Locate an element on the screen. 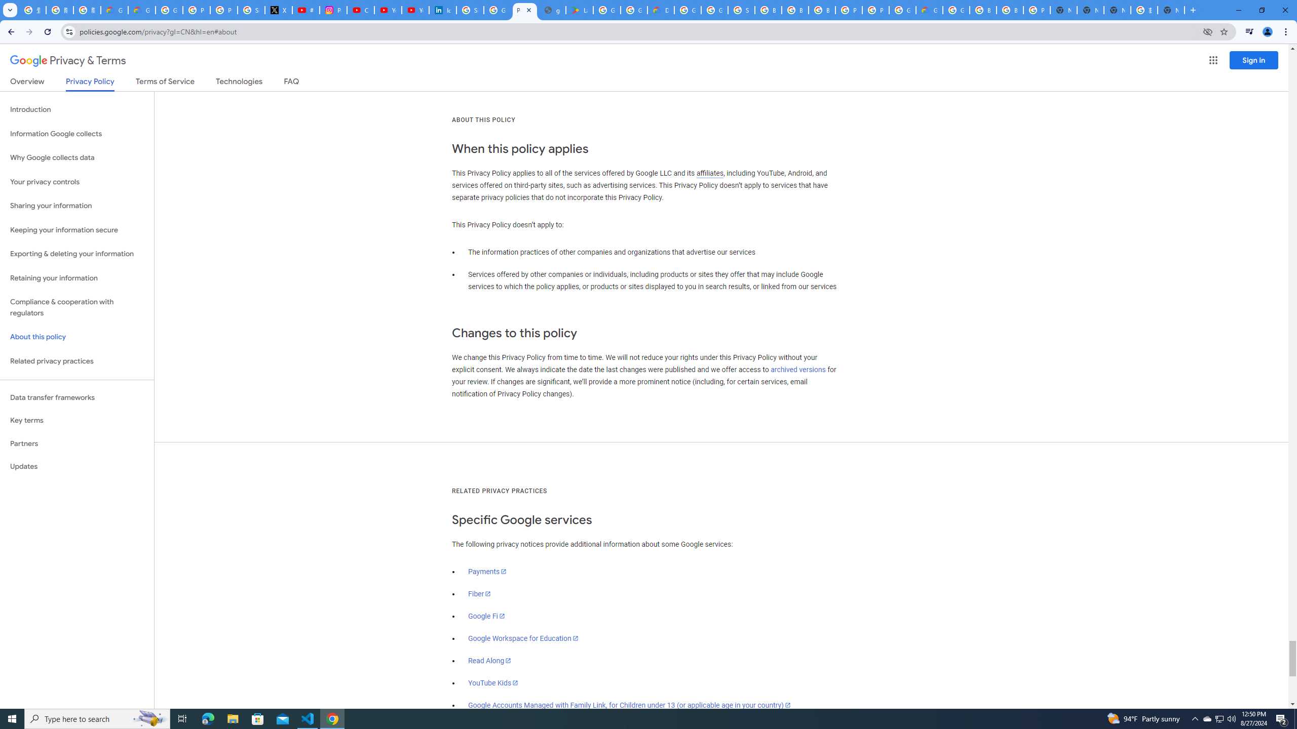 This screenshot has width=1297, height=729. 'Technologies' is located at coordinates (239, 83).